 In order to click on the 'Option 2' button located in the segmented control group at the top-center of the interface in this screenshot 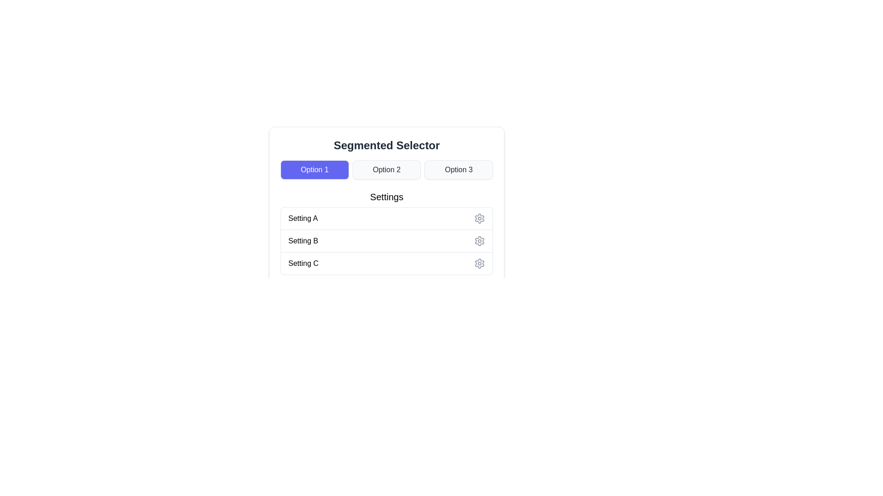, I will do `click(386, 170)`.